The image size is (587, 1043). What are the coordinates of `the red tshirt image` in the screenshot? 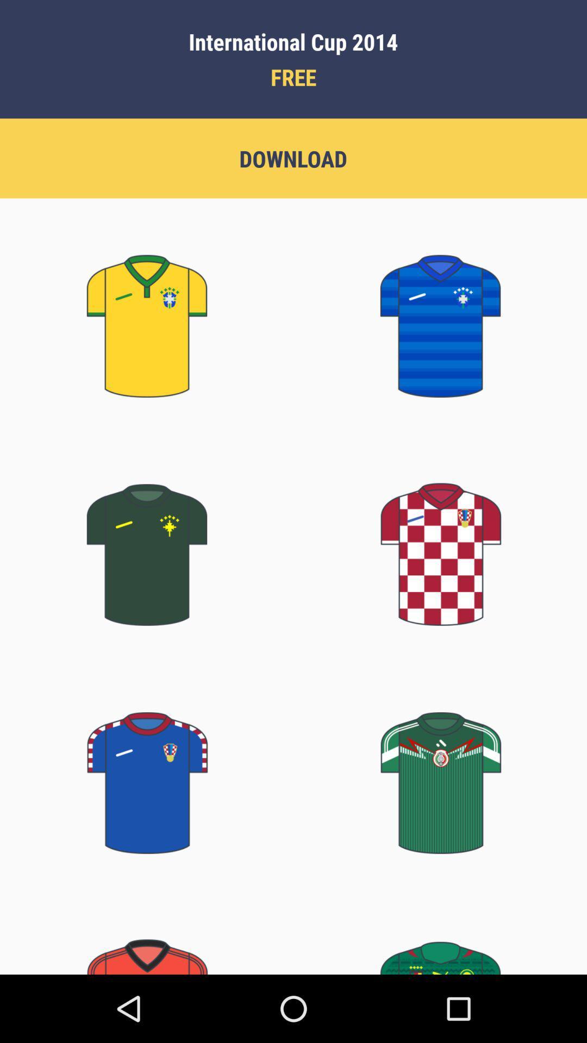 It's located at (440, 541).